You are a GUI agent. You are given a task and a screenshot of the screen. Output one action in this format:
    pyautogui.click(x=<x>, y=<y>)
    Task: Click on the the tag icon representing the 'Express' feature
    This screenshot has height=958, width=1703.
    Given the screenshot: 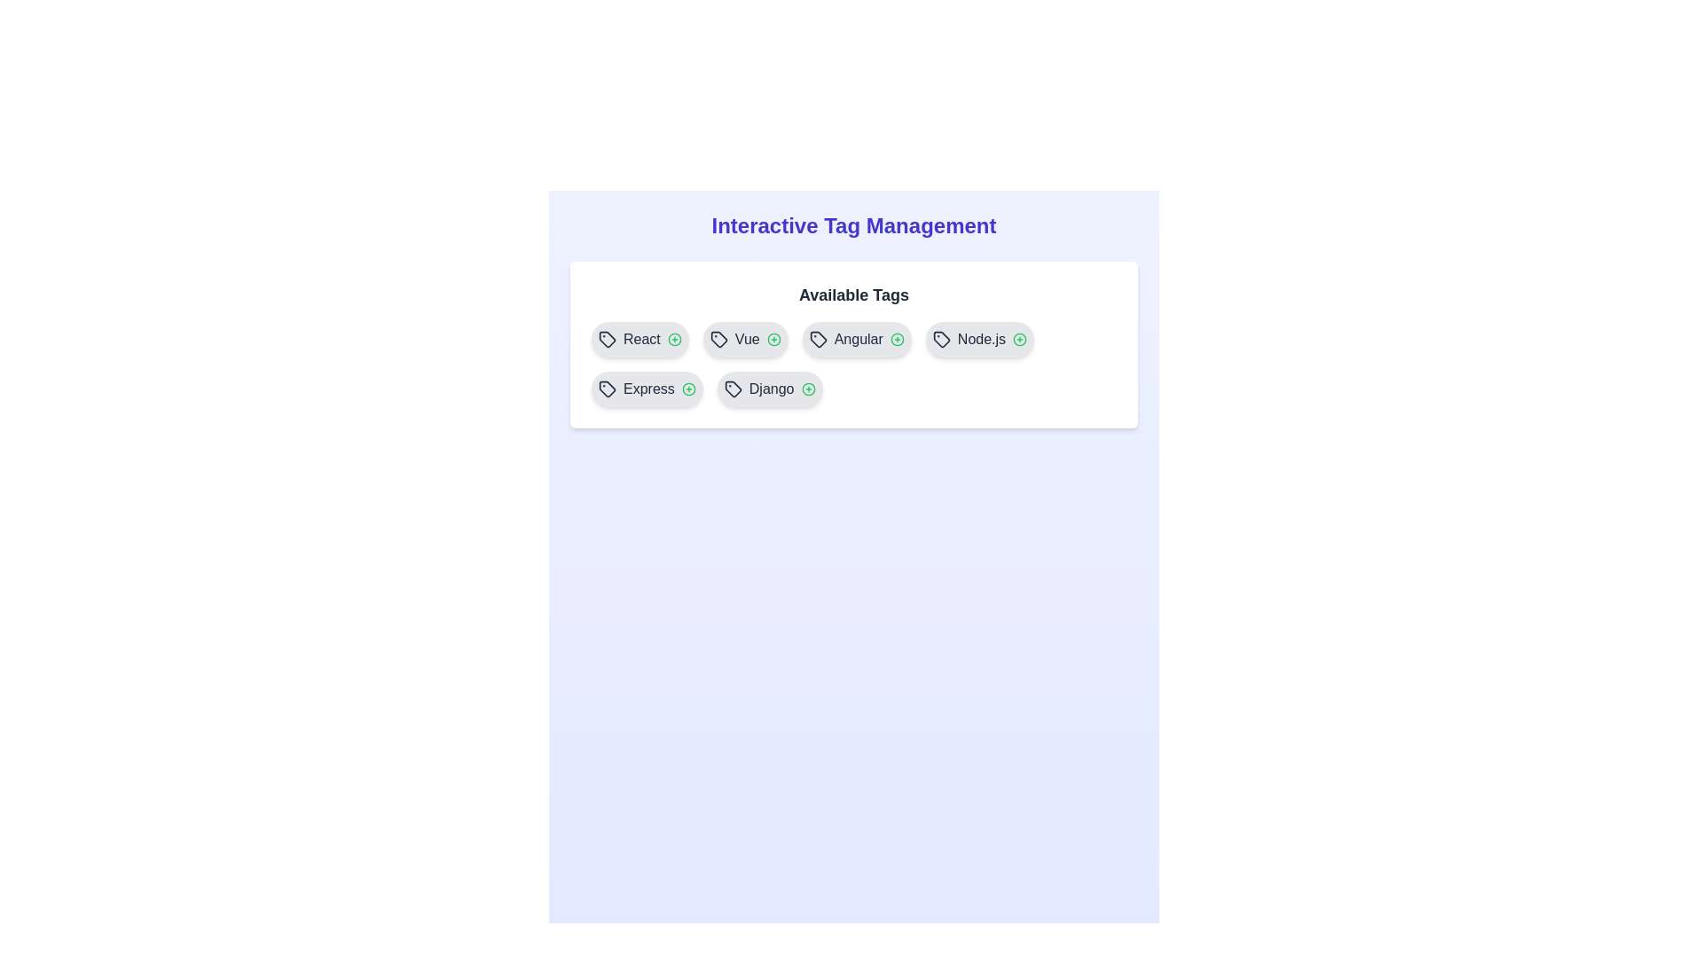 What is the action you would take?
    pyautogui.click(x=608, y=389)
    